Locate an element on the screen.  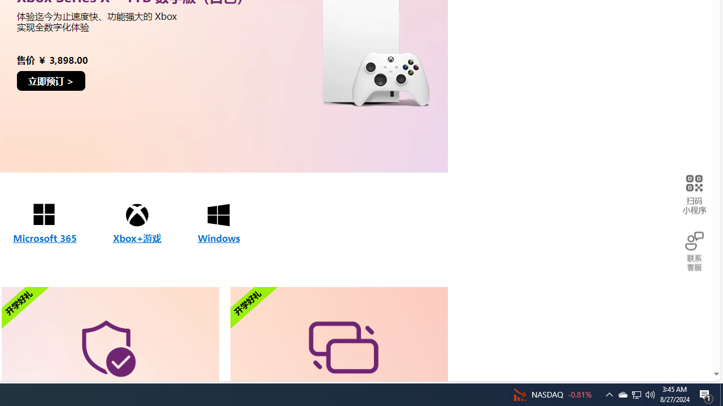
'Windows' is located at coordinates (219, 224).